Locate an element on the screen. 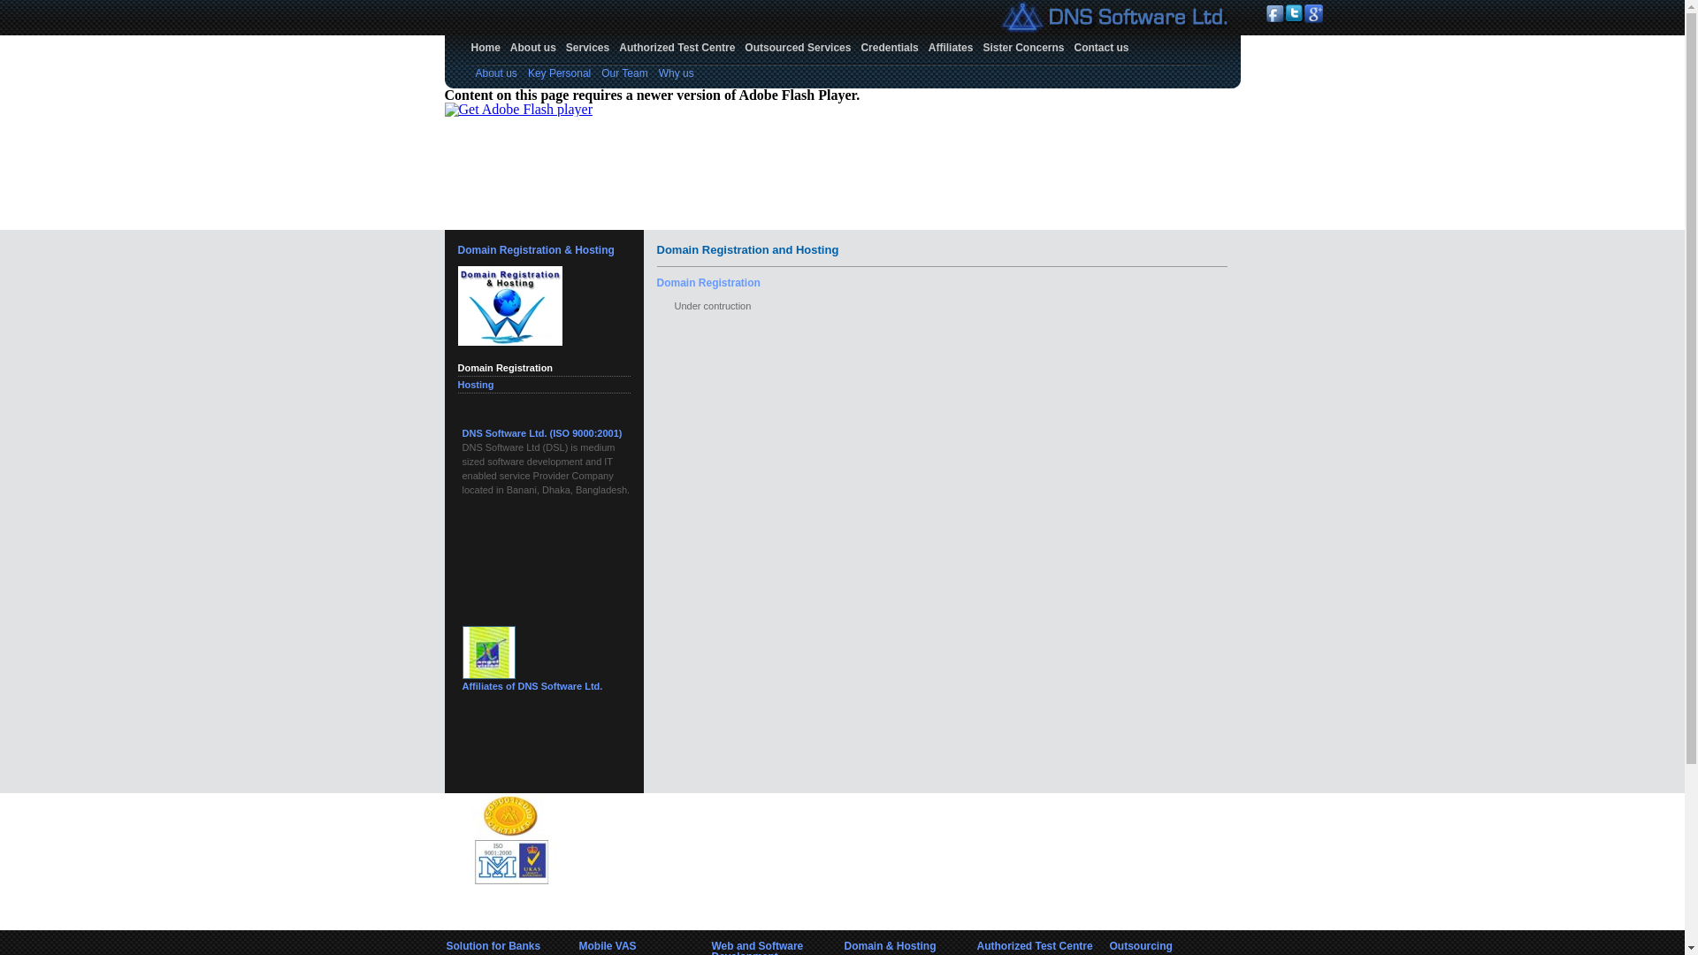 This screenshot has height=955, width=1698. 'Mobile Value Added Service (VAS)' is located at coordinates (462, 432).